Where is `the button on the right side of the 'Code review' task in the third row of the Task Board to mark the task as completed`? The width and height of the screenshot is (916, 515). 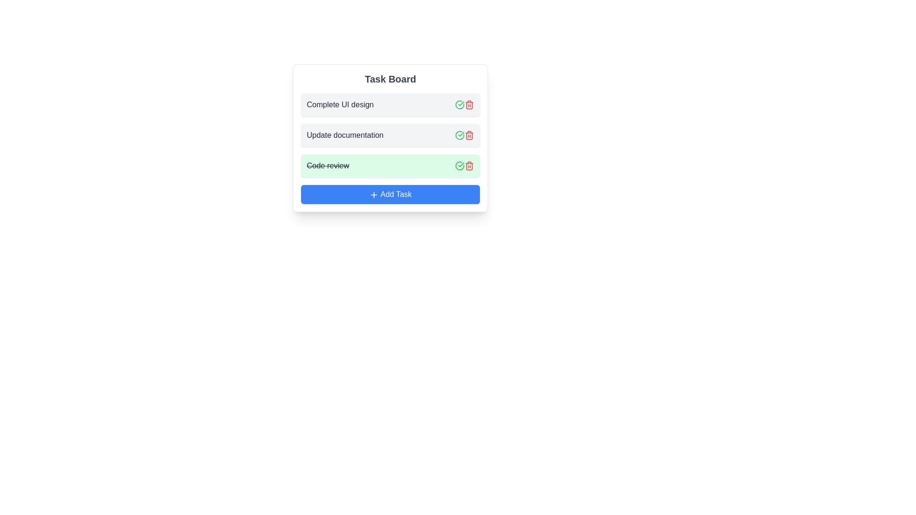 the button on the right side of the 'Code review' task in the third row of the Task Board to mark the task as completed is located at coordinates (460, 165).